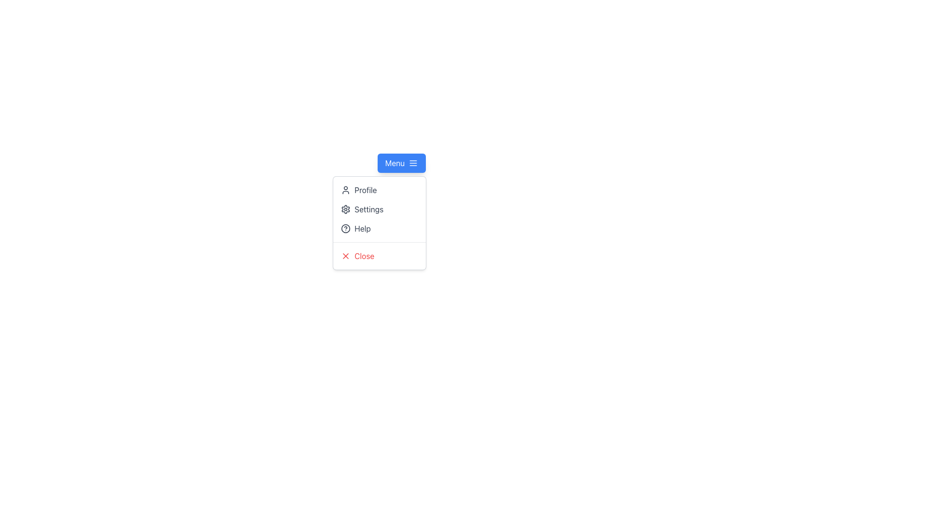 The width and height of the screenshot is (926, 520). I want to click on the gear icon located immediately to the left of the 'Settings' text label in the dropdown menu, so click(345, 209).